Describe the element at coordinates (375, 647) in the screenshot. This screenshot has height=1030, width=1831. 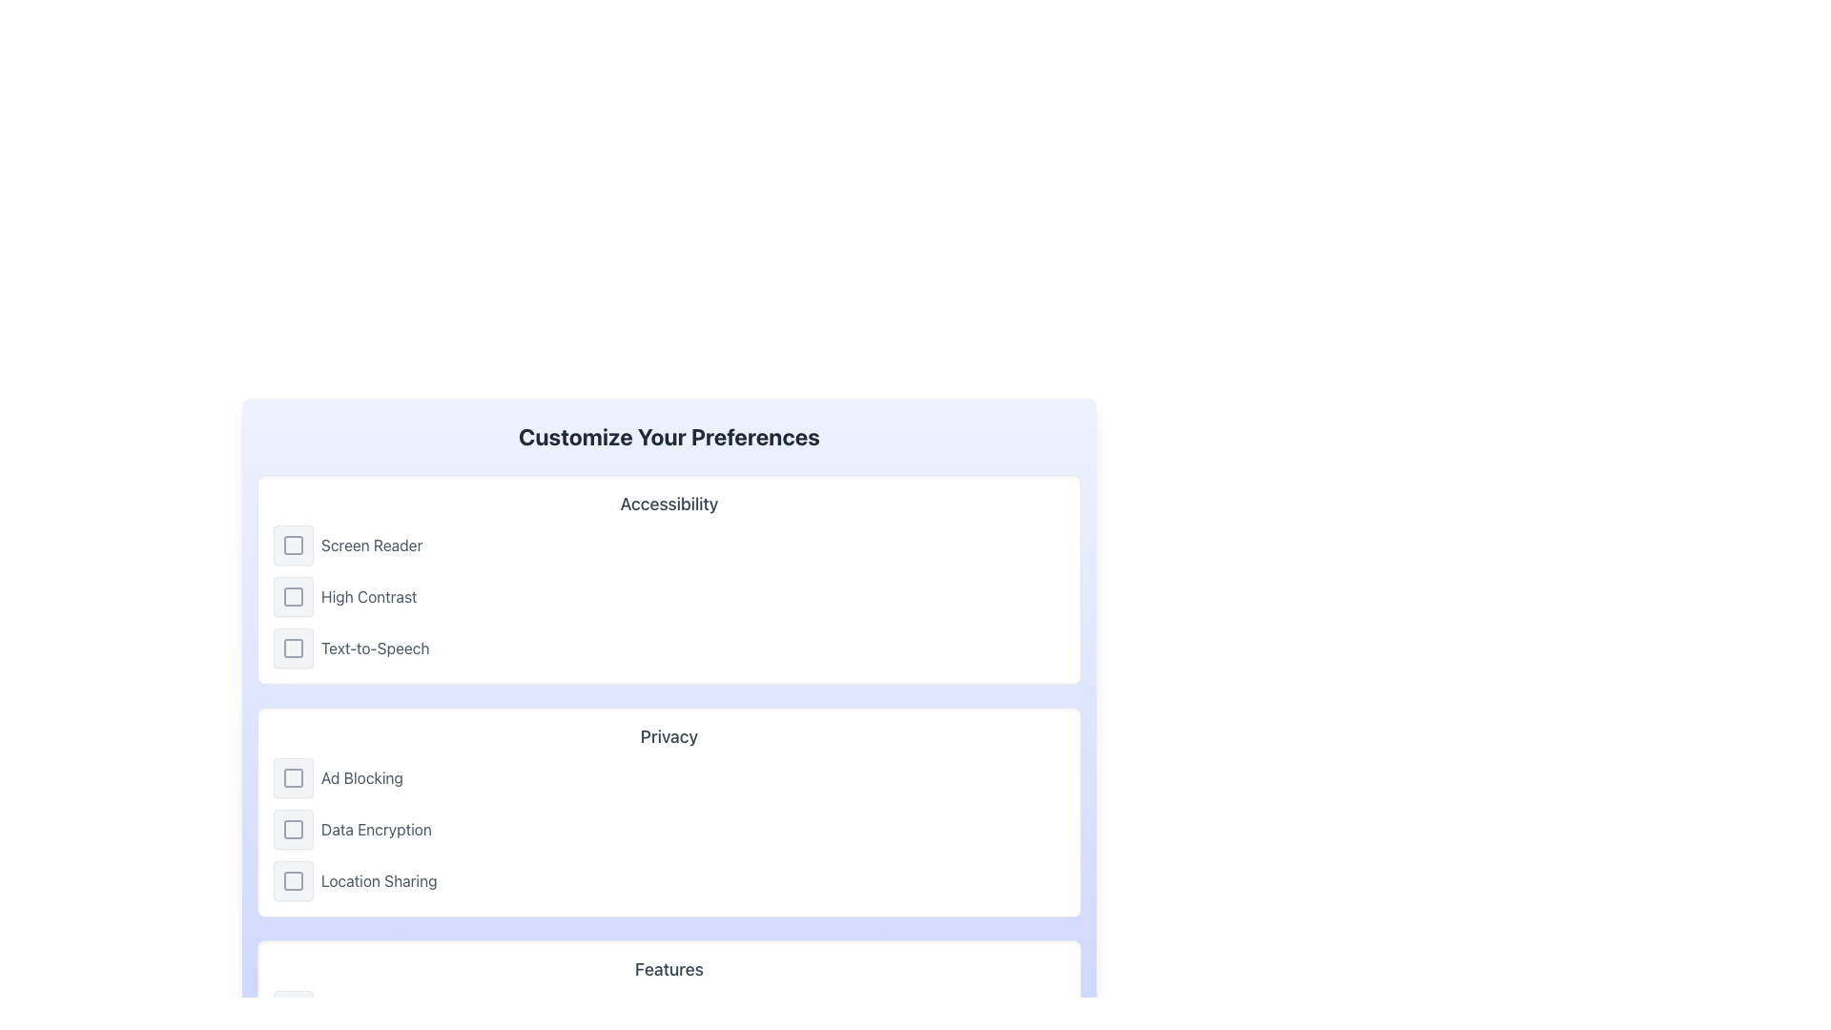
I see `the 'Text-to-Speech' label text associated with the checkbox component, which is part of a list of accessibility features` at that location.